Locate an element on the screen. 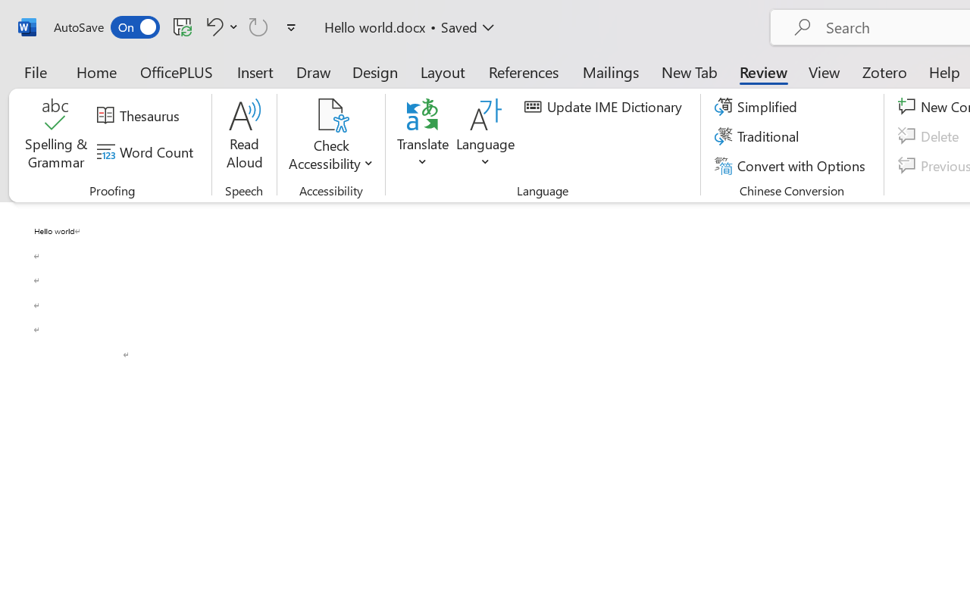 The image size is (970, 606). 'References' is located at coordinates (524, 71).